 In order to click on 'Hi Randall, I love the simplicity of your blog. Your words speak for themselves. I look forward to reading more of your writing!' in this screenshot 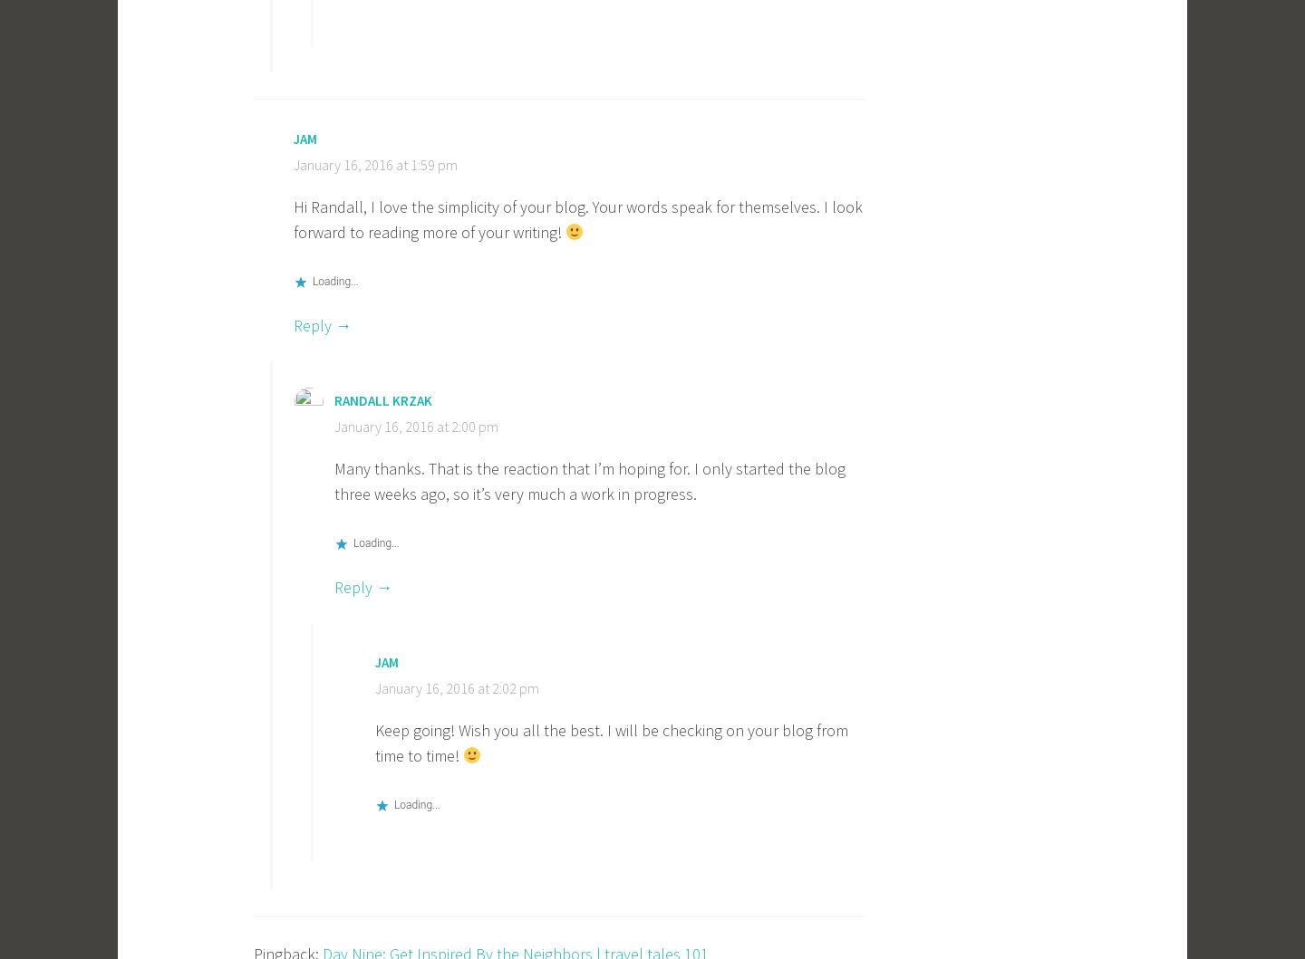, I will do `click(294, 218)`.